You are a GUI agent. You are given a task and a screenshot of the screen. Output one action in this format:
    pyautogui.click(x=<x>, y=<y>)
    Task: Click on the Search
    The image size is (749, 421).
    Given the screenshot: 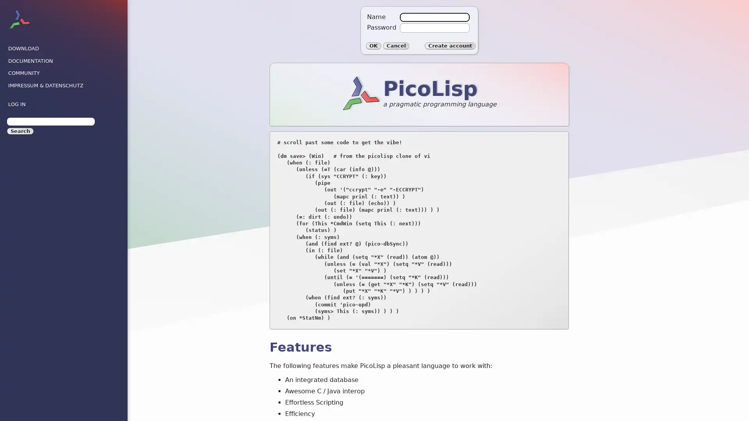 What is the action you would take?
    pyautogui.click(x=20, y=130)
    